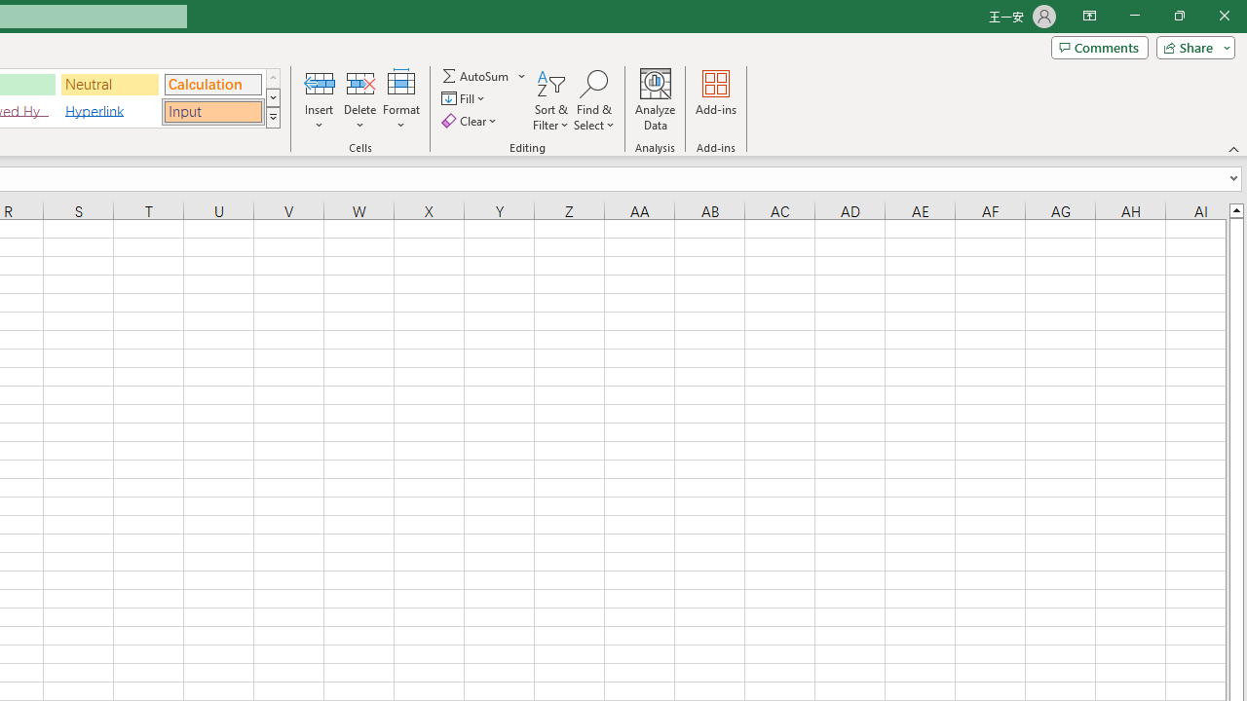  I want to click on 'AutoSum', so click(484, 75).